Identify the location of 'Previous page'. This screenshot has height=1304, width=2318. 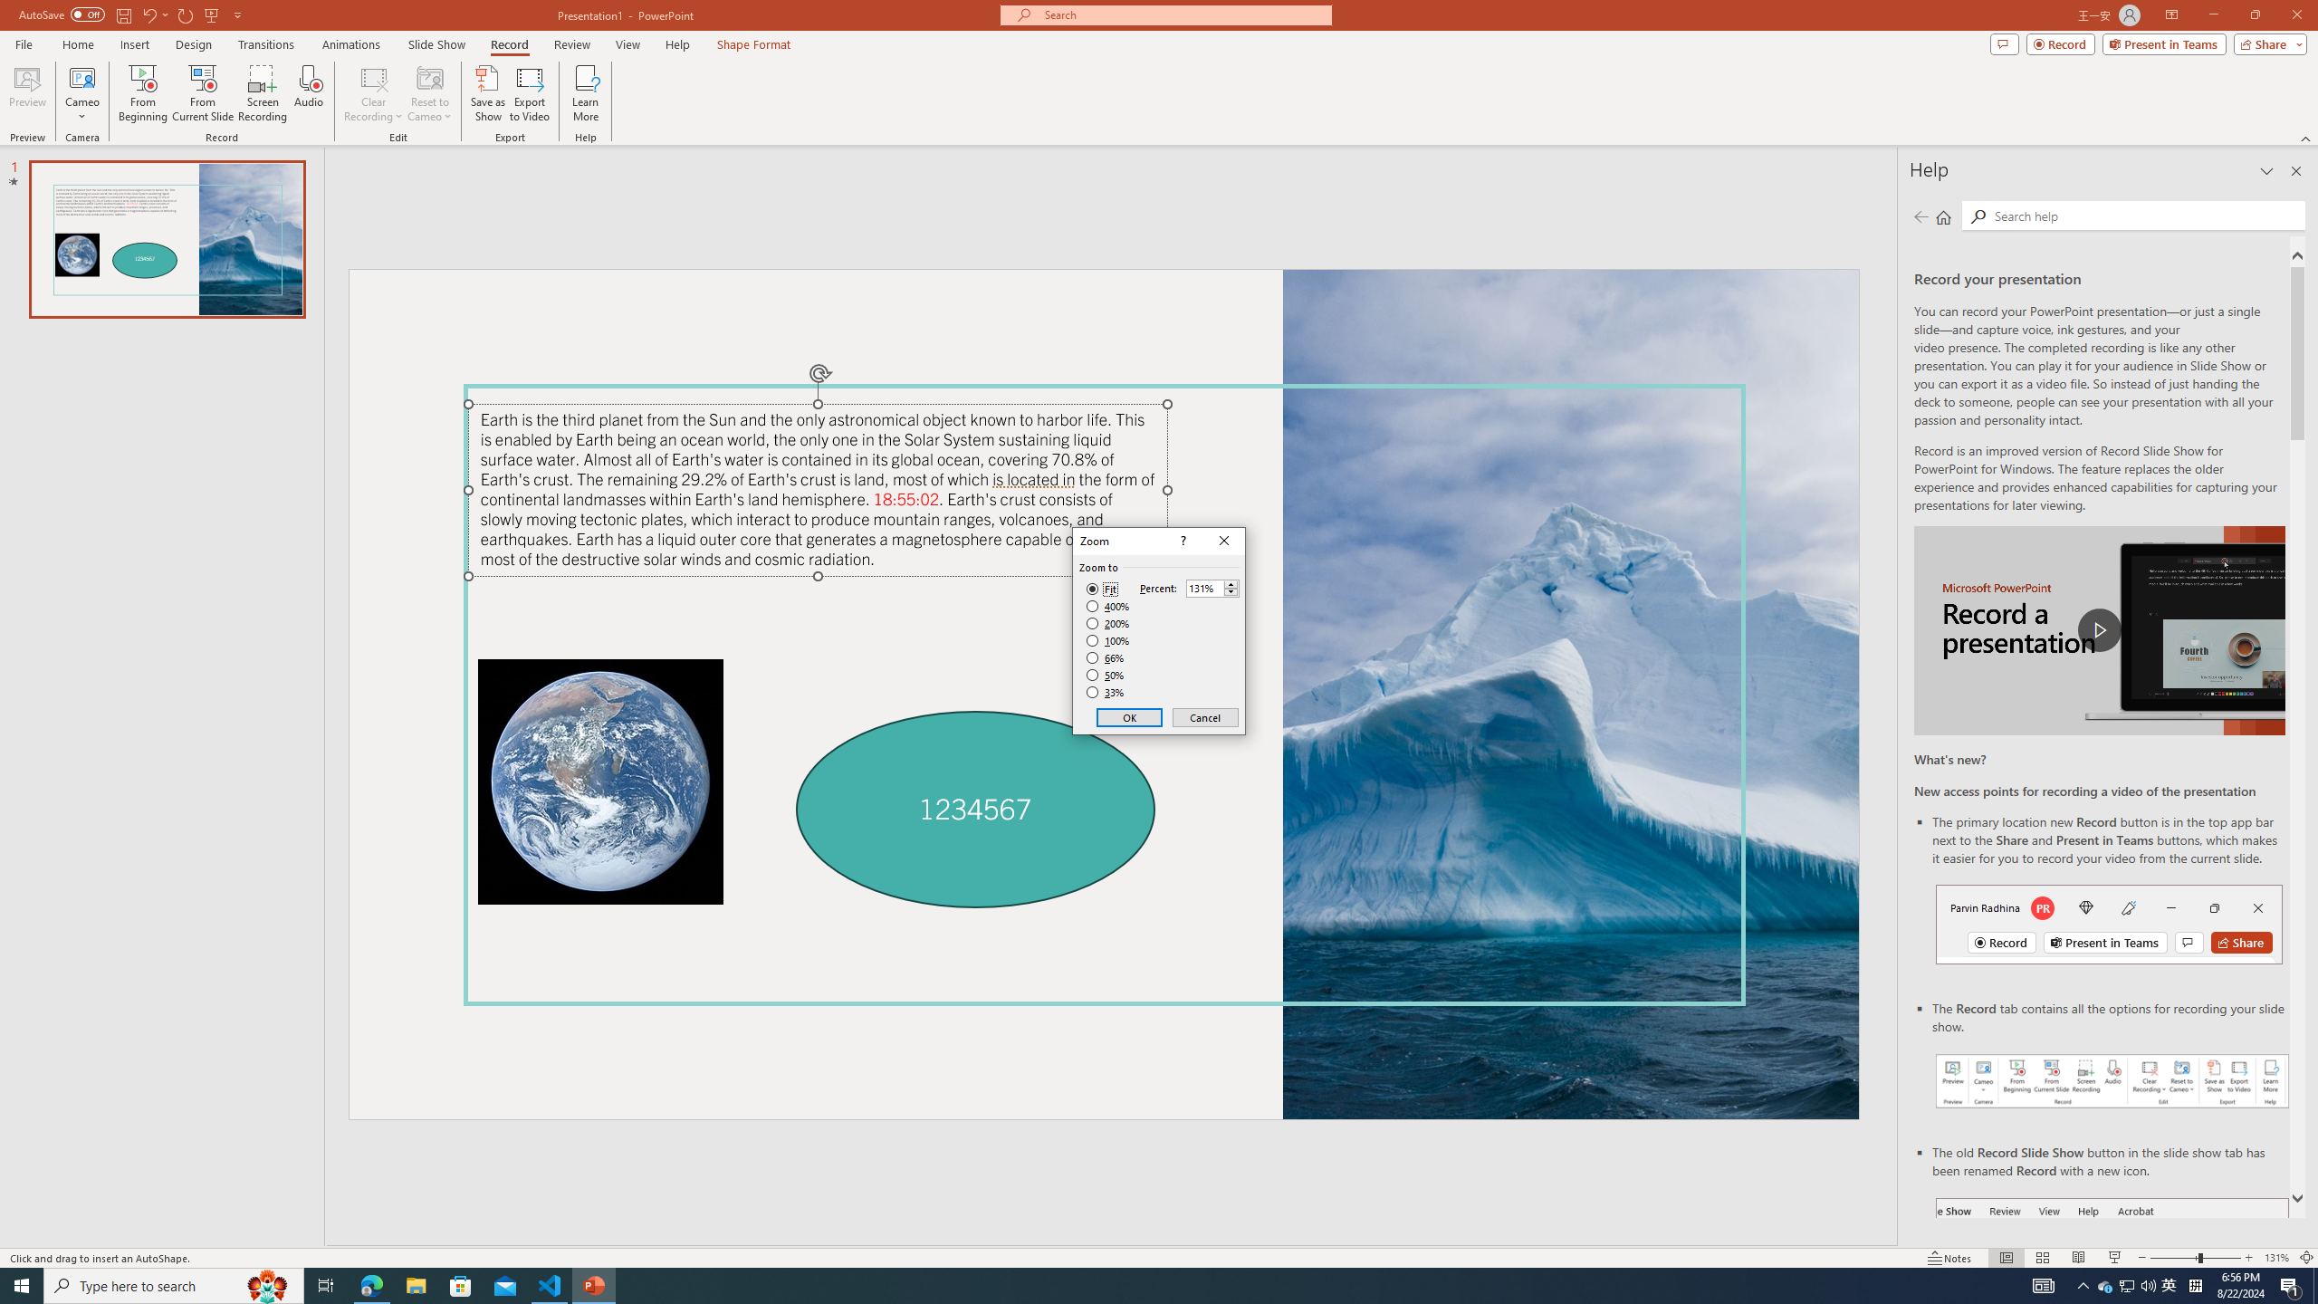
(1920, 216).